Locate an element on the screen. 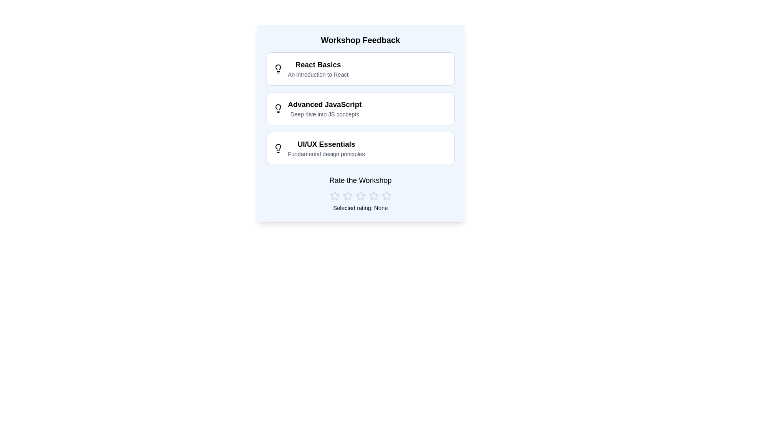 This screenshot has height=438, width=779. the static textual label that serves as a title for the 'UI/UX Essentials' workshop entry, located in the center of the third list item within the 'Workshop Feedback' section is located at coordinates (326, 144).